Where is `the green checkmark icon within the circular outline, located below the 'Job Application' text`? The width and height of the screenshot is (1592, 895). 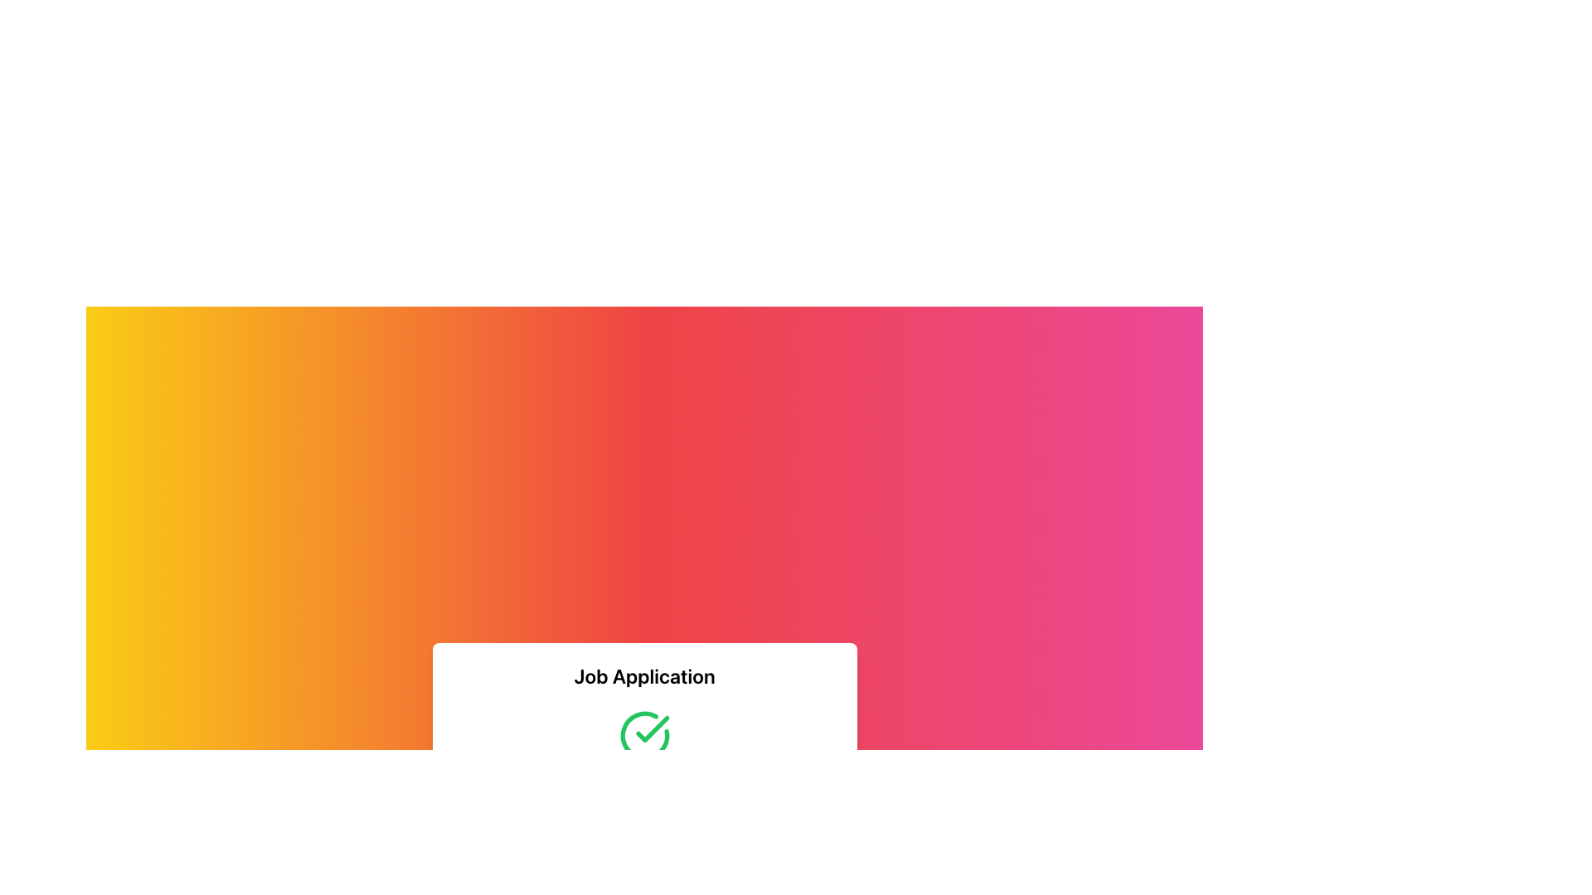
the green checkmark icon within the circular outline, located below the 'Job Application' text is located at coordinates (651, 728).